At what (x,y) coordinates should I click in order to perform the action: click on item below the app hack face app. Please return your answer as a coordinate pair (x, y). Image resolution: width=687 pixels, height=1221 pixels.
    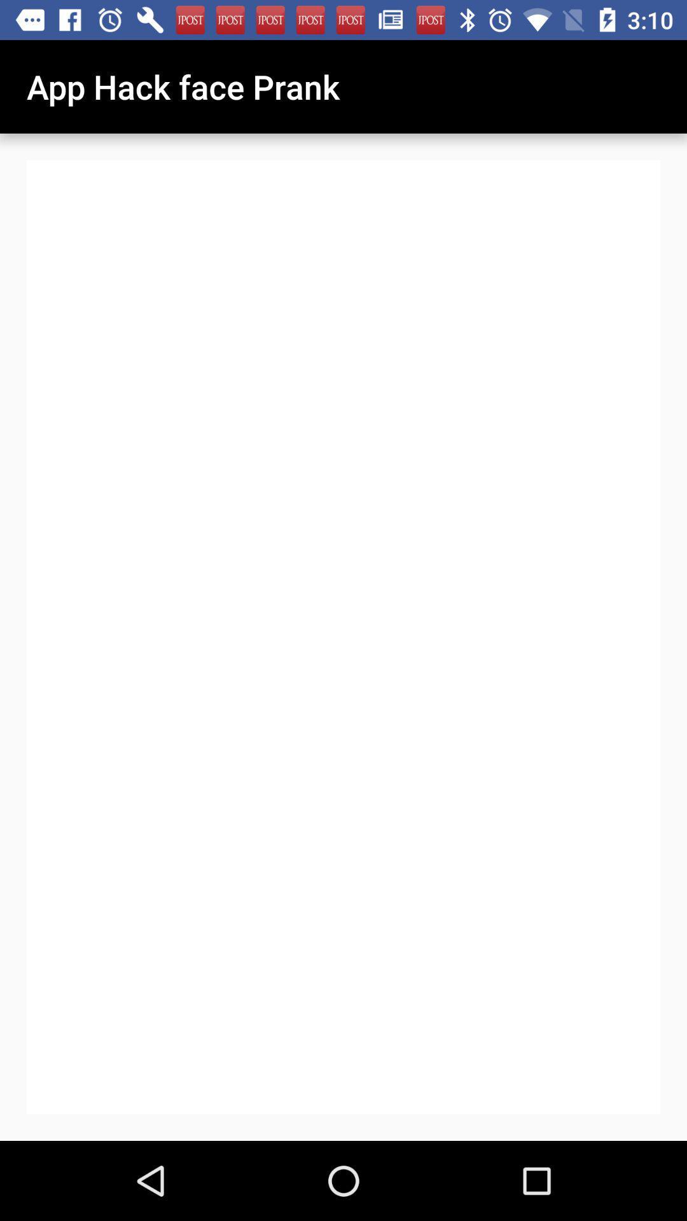
    Looking at the image, I should click on (394, 764).